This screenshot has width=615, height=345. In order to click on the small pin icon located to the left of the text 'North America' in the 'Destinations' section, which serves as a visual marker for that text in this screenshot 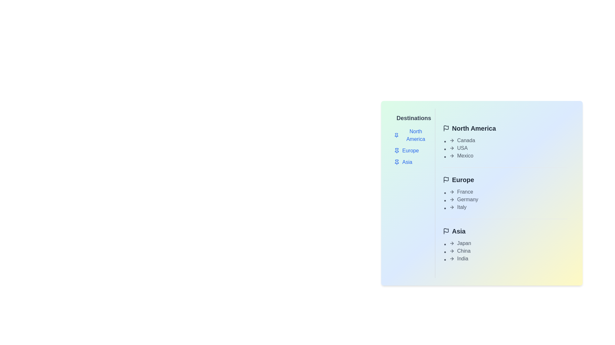, I will do `click(396, 135)`.